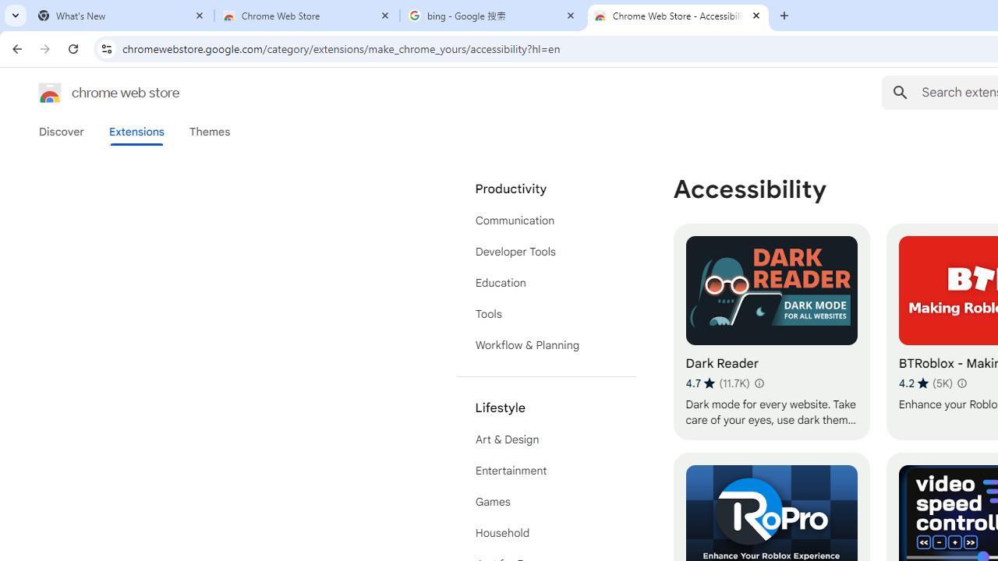 This screenshot has width=998, height=561. What do you see at coordinates (136, 131) in the screenshot?
I see `'Extensions'` at bounding box center [136, 131].